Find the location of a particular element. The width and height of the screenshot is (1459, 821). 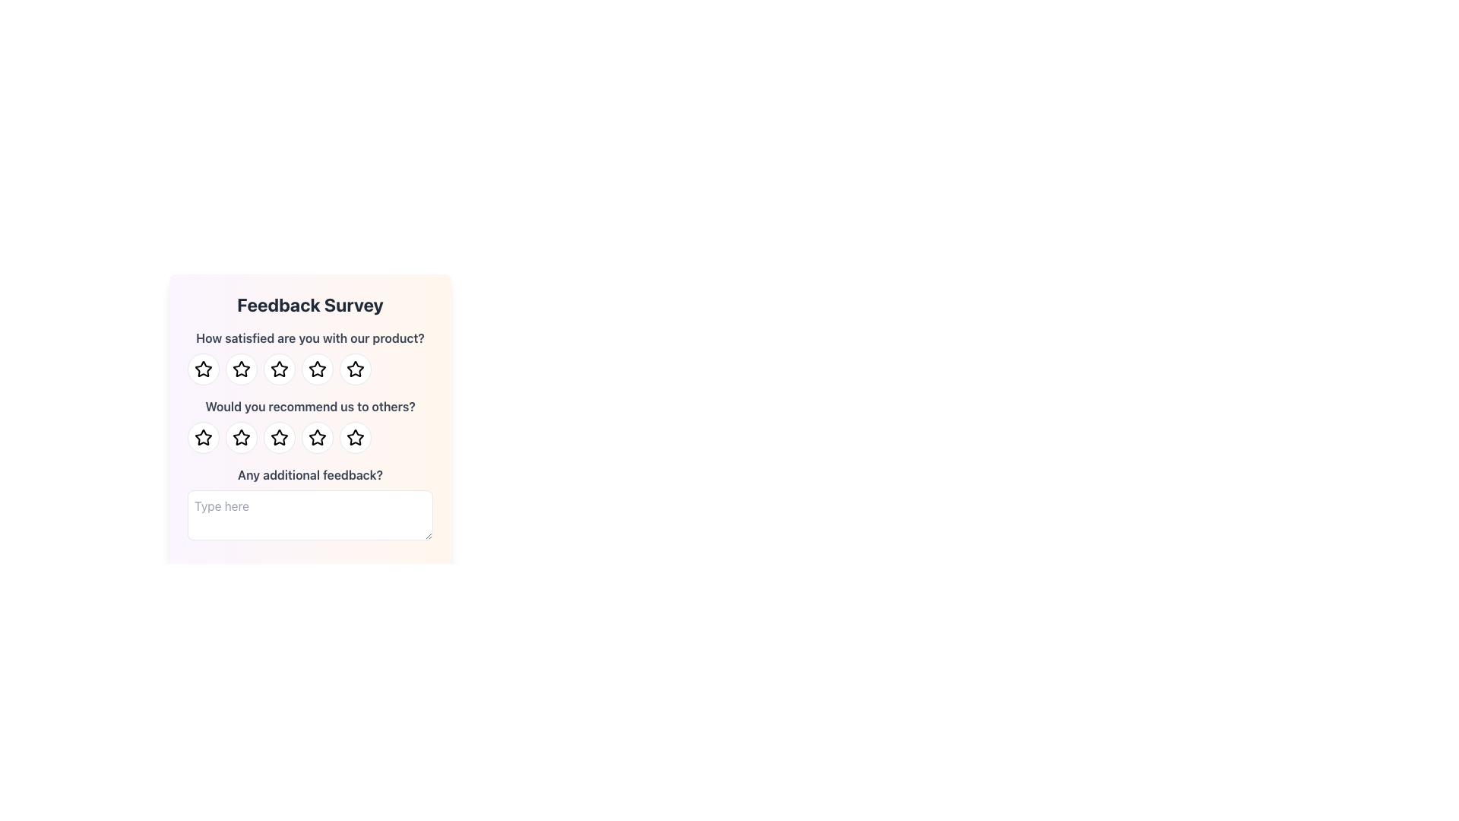

the first star-shaped icon for rating in the feedback section of the survey form is located at coordinates (203, 437).